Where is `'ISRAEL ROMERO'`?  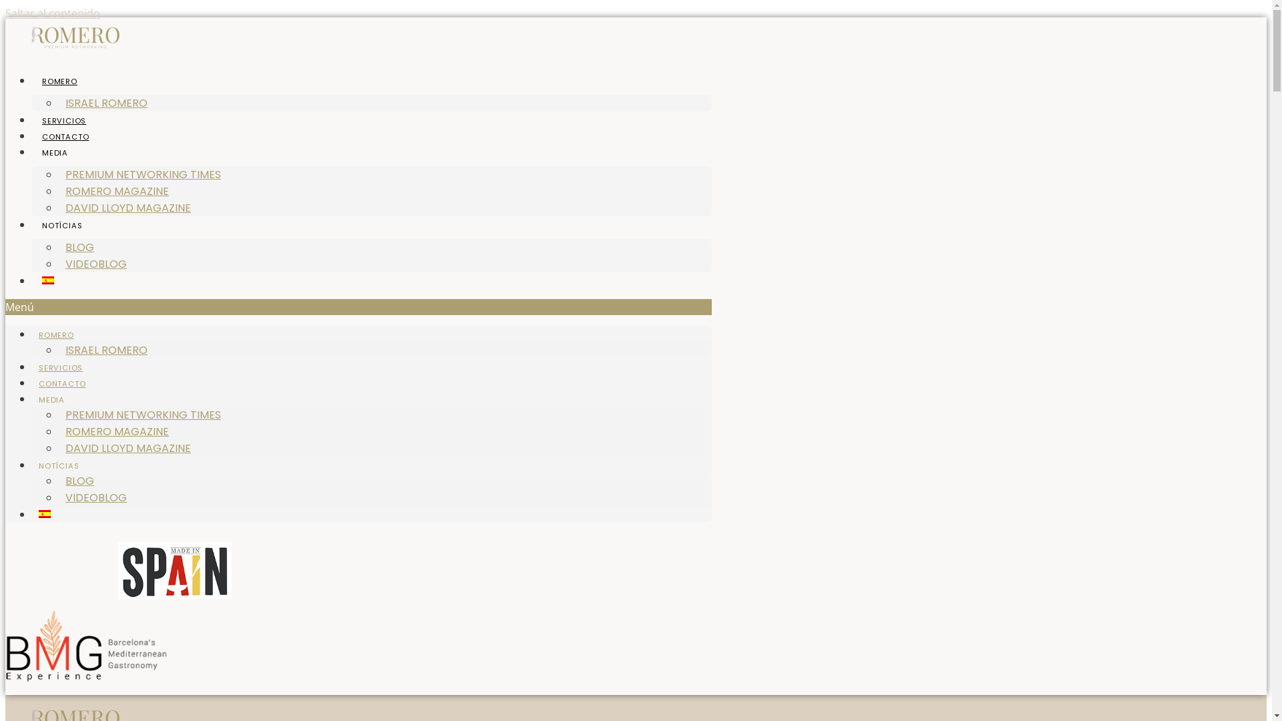
'ISRAEL ROMERO' is located at coordinates (105, 349).